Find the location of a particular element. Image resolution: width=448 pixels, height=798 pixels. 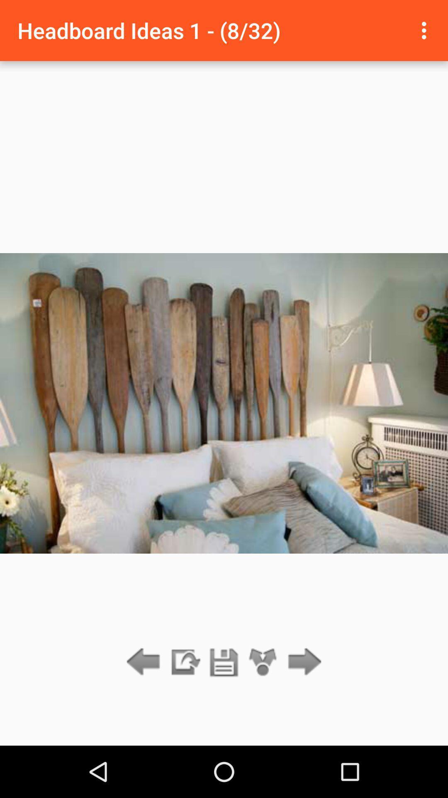

your idea is located at coordinates (224, 662).